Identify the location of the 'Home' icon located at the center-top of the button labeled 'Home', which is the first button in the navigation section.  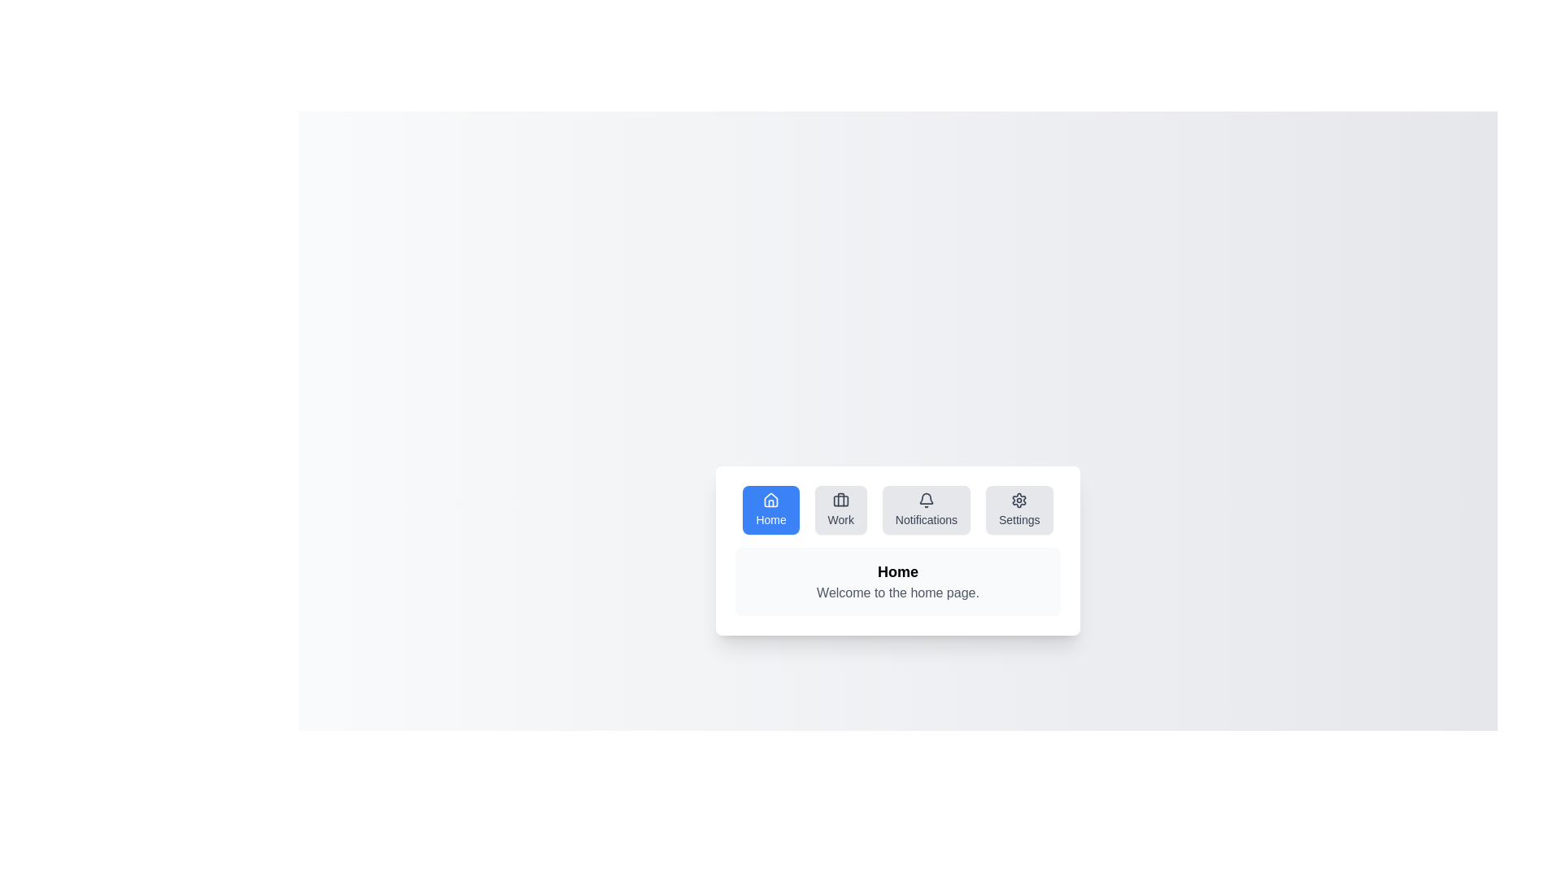
(770, 499).